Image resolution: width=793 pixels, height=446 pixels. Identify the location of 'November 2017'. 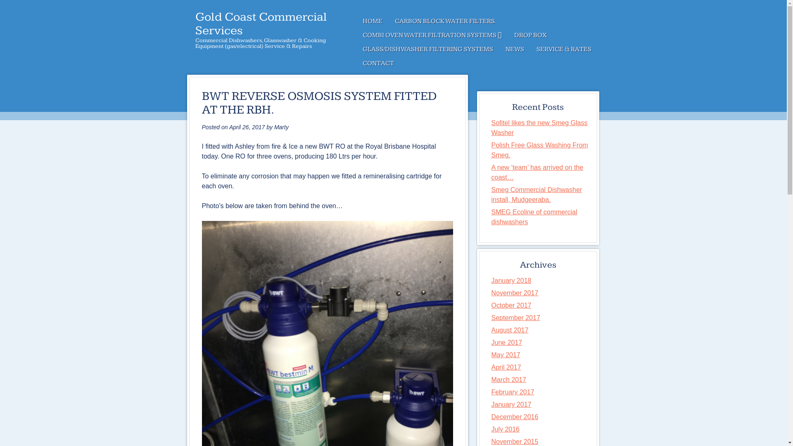
(515, 292).